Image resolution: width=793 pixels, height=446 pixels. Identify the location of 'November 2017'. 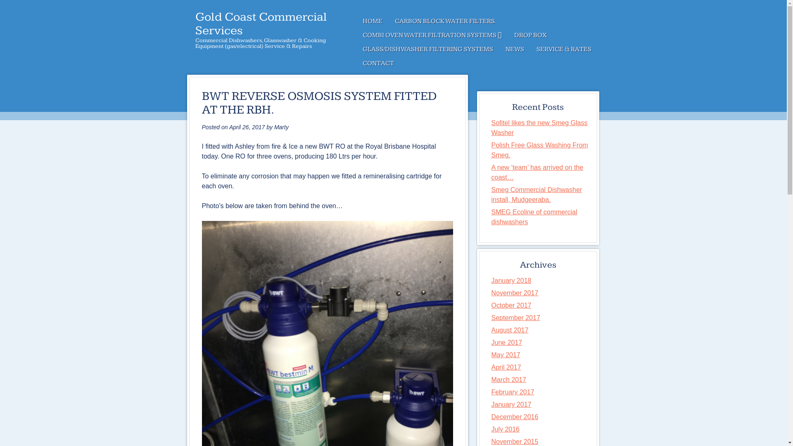
(515, 292).